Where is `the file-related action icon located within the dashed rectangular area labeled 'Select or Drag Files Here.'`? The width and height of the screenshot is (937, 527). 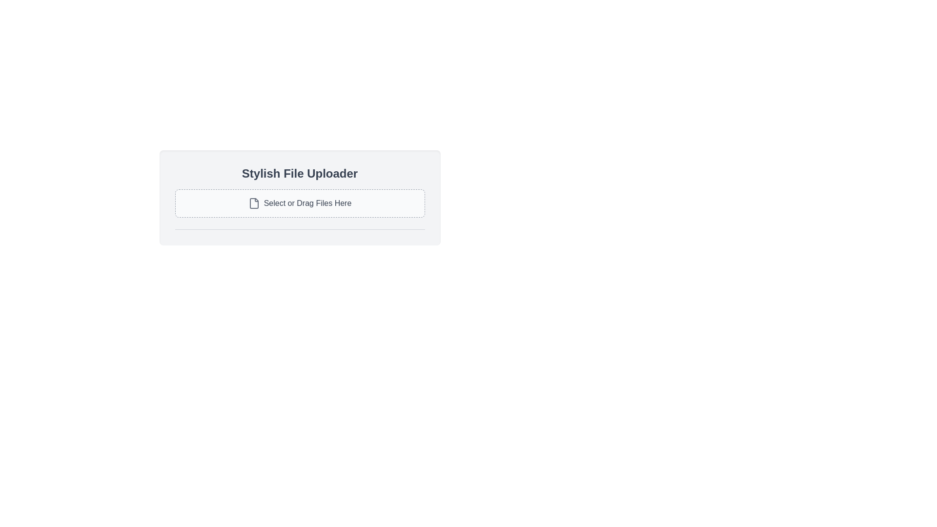
the file-related action icon located within the dashed rectangular area labeled 'Select or Drag Files Here.' is located at coordinates (254, 203).